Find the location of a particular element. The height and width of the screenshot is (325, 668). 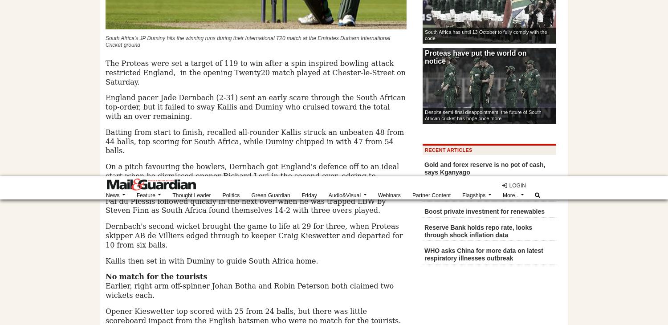

'LinkedIn' is located at coordinates (244, 65).